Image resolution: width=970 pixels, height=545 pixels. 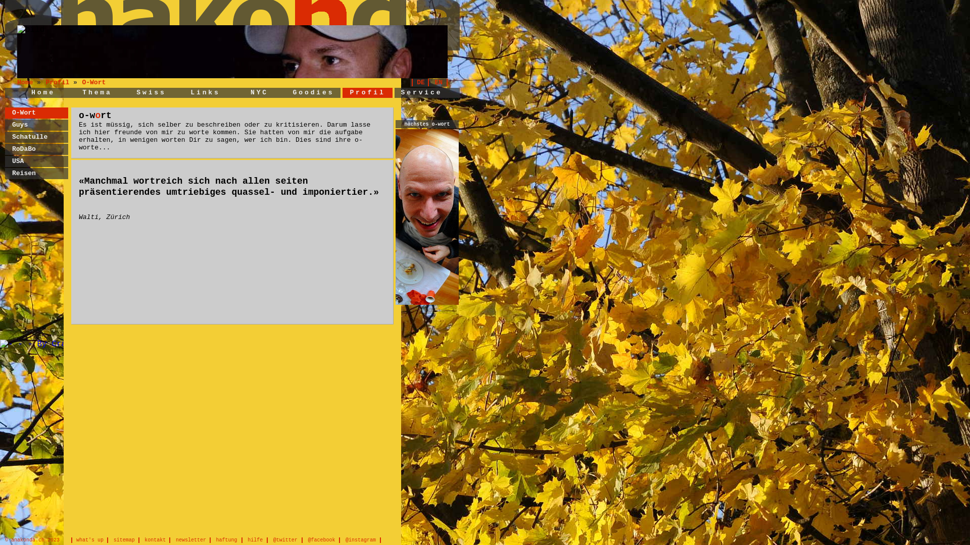 I want to click on 'Home', so click(x=31, y=92).